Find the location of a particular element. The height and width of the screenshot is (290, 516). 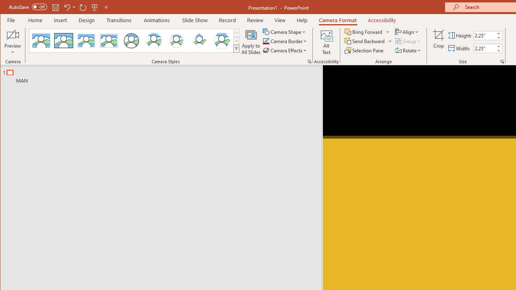

'Soft Edge Rectangle' is located at coordinates (108, 40).